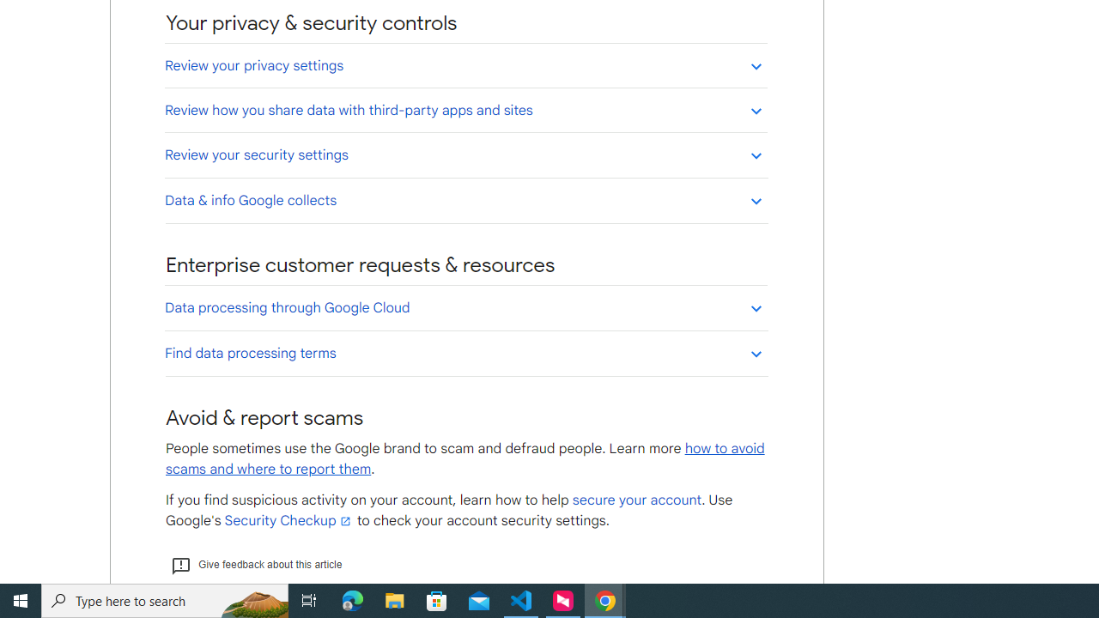  Describe the element at coordinates (465, 352) in the screenshot. I see `'Find data processing terms'` at that location.